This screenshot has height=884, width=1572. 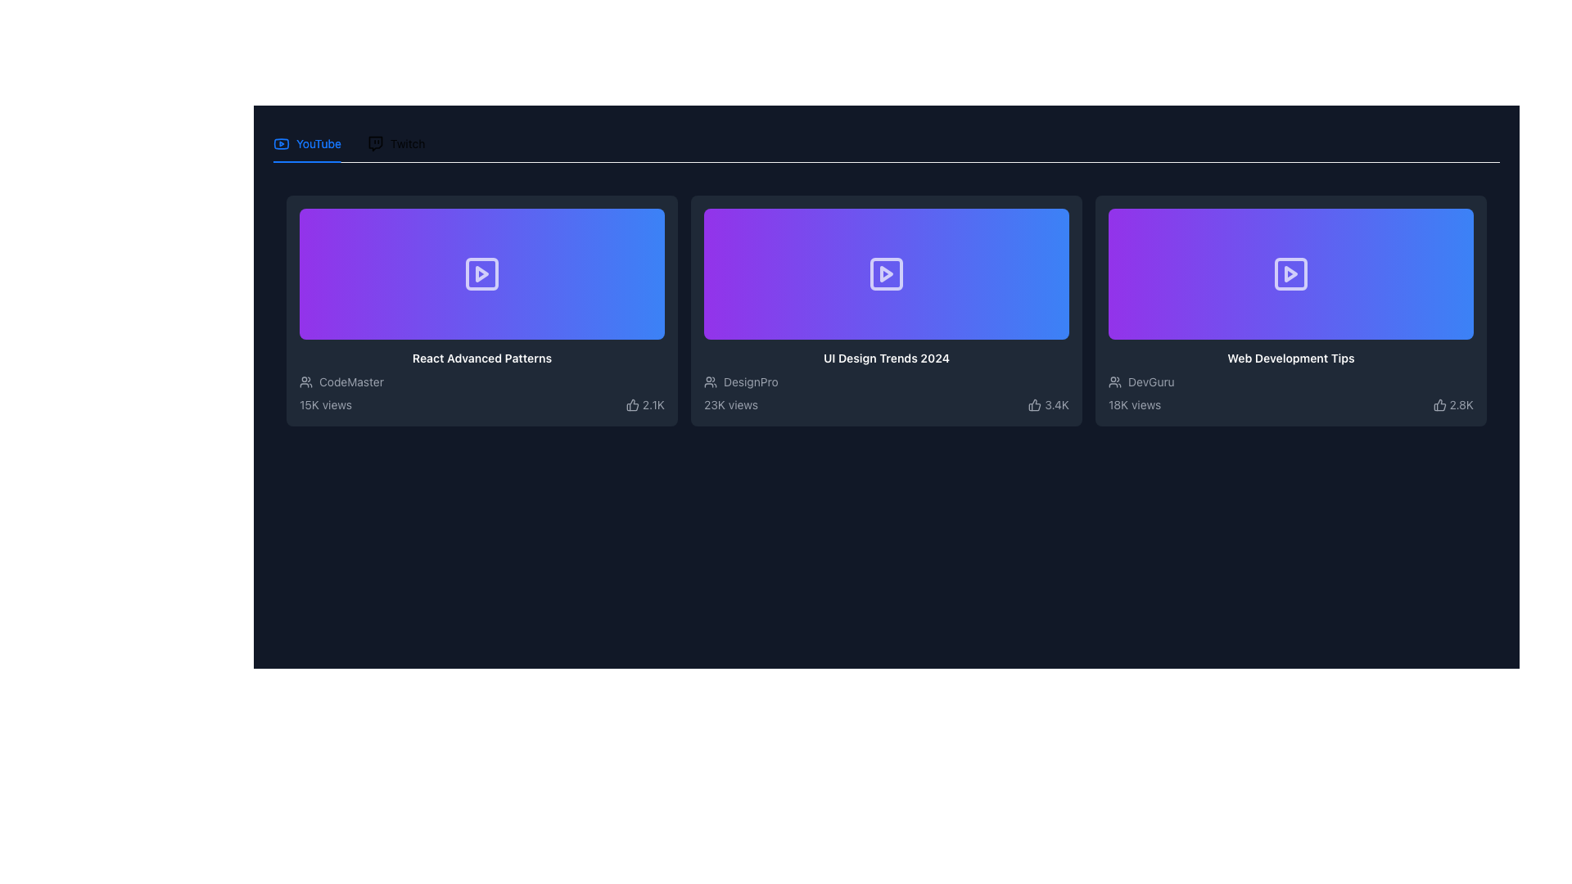 I want to click on the Image Button representing the video thumbnail above the title 'React Advanced Patterns', so click(x=481, y=273).